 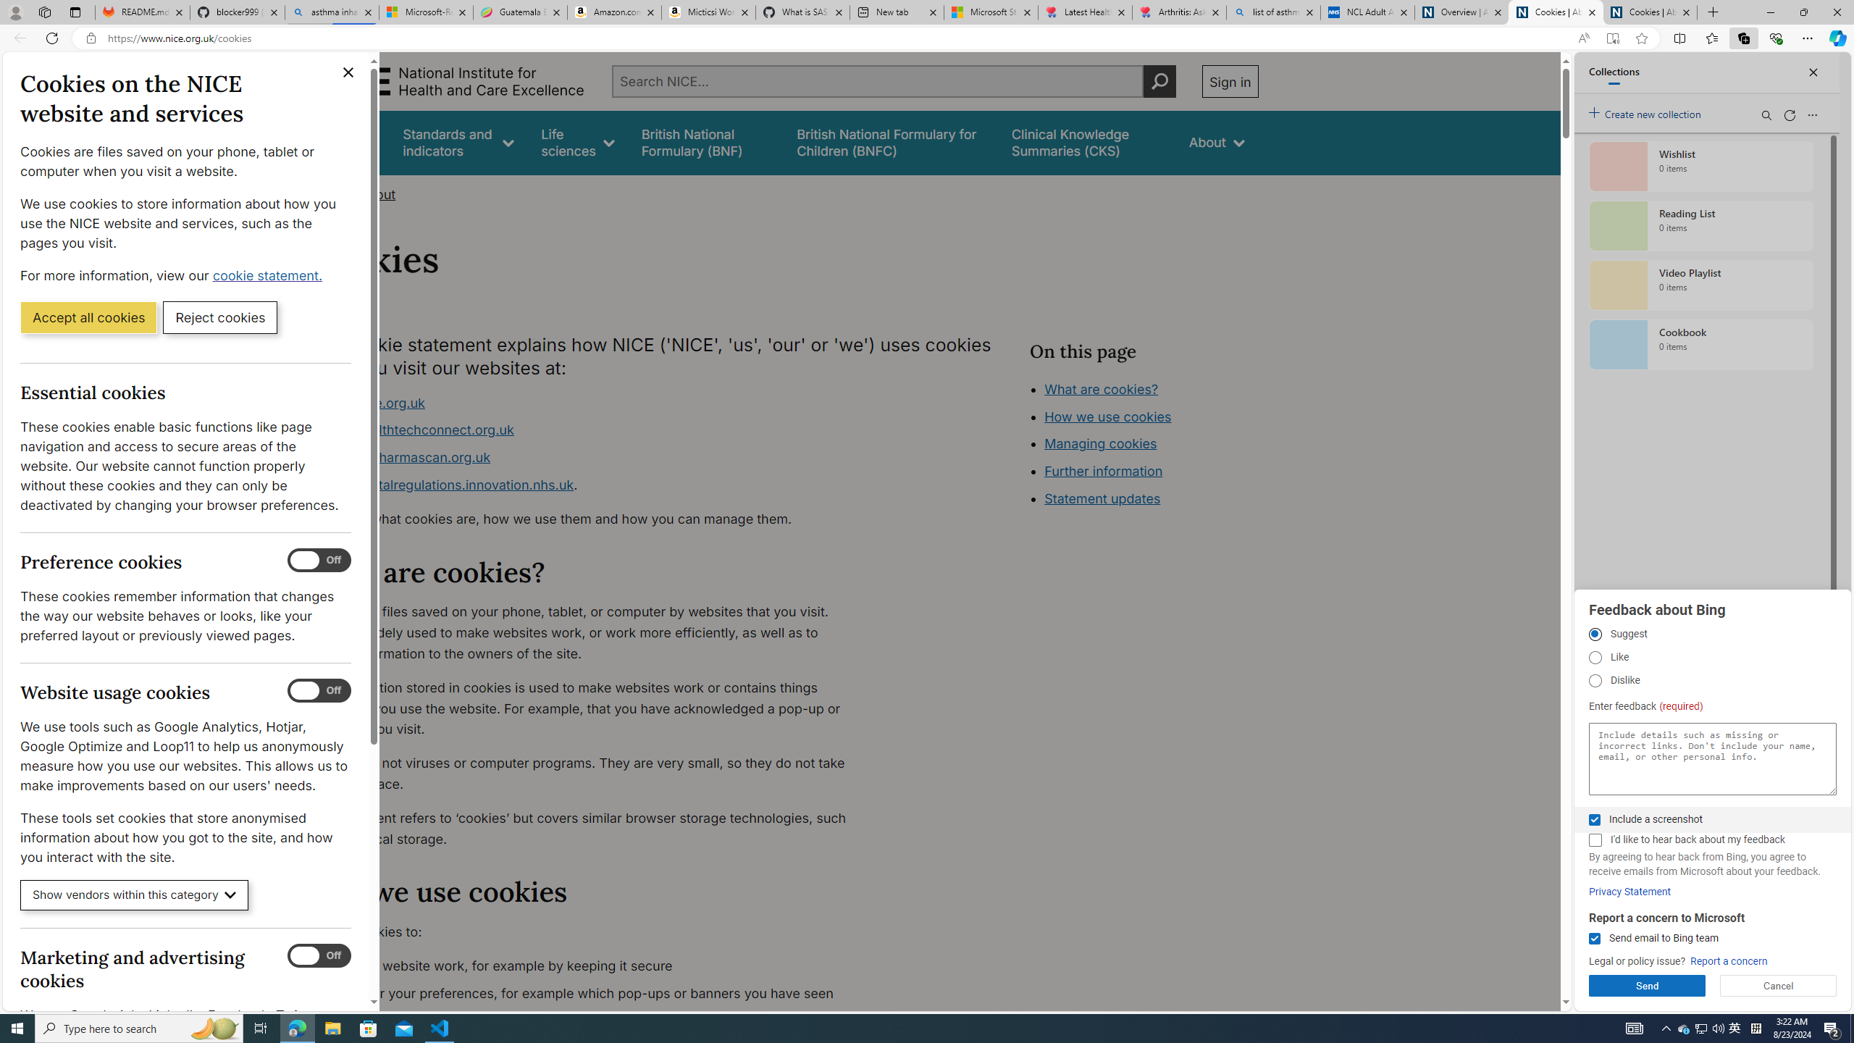 I want to click on 'Send email to Bing team', so click(x=1594, y=938).